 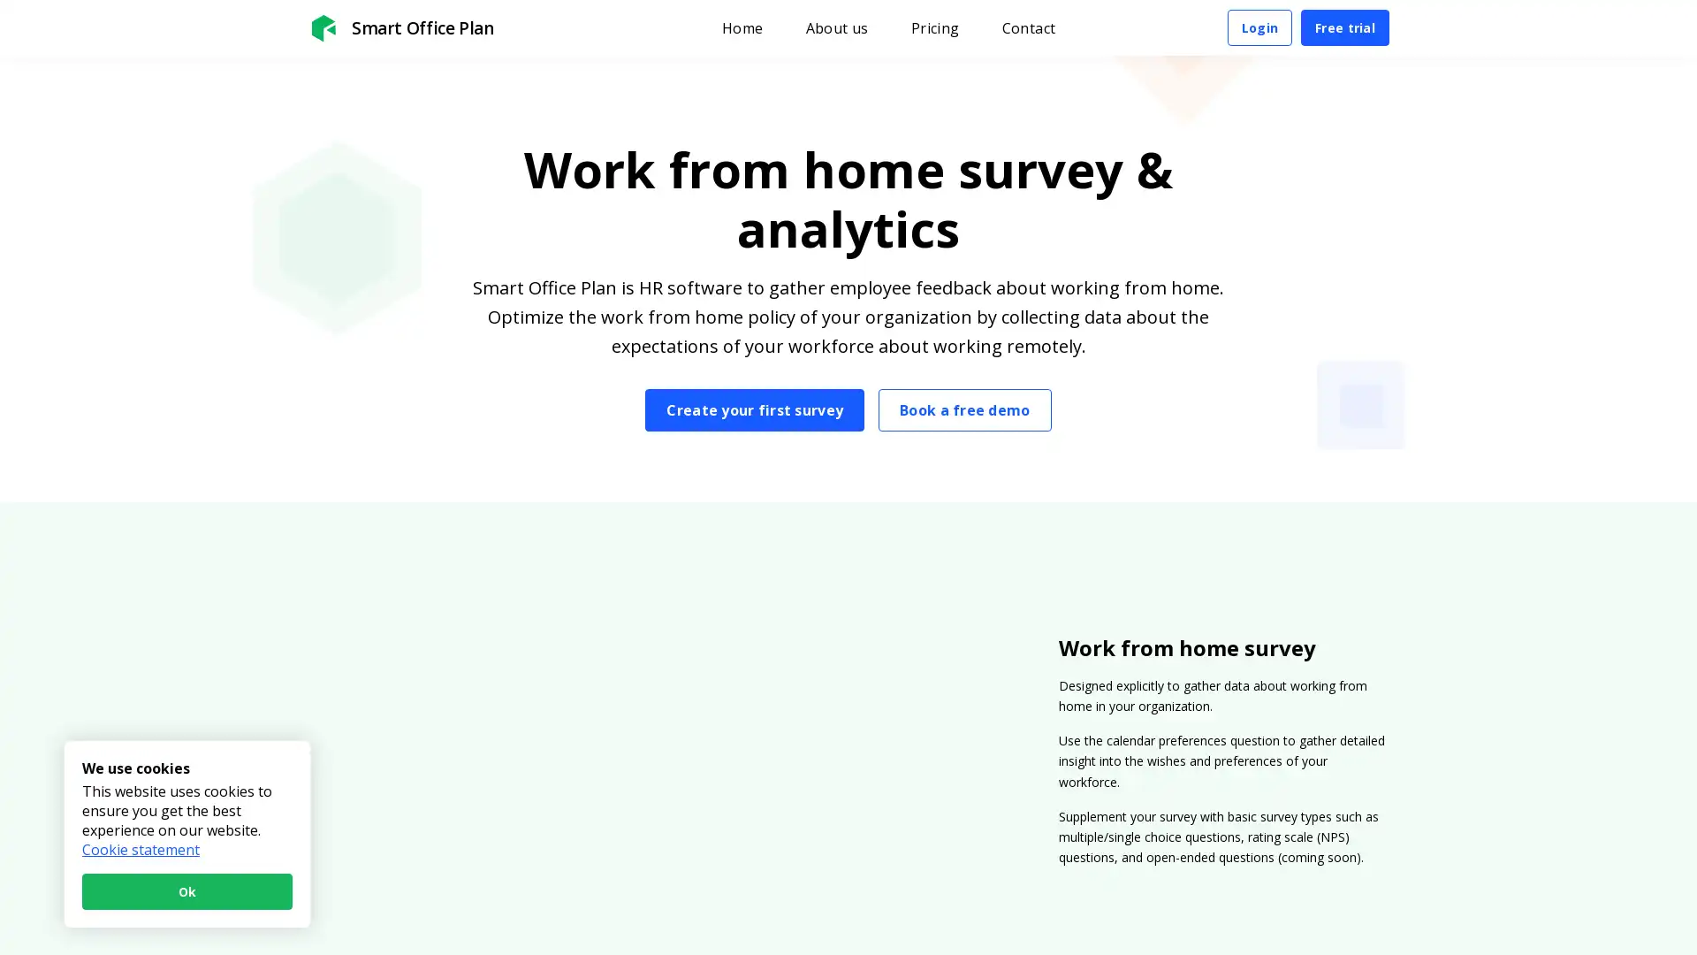 What do you see at coordinates (1259, 27) in the screenshot?
I see `Login` at bounding box center [1259, 27].